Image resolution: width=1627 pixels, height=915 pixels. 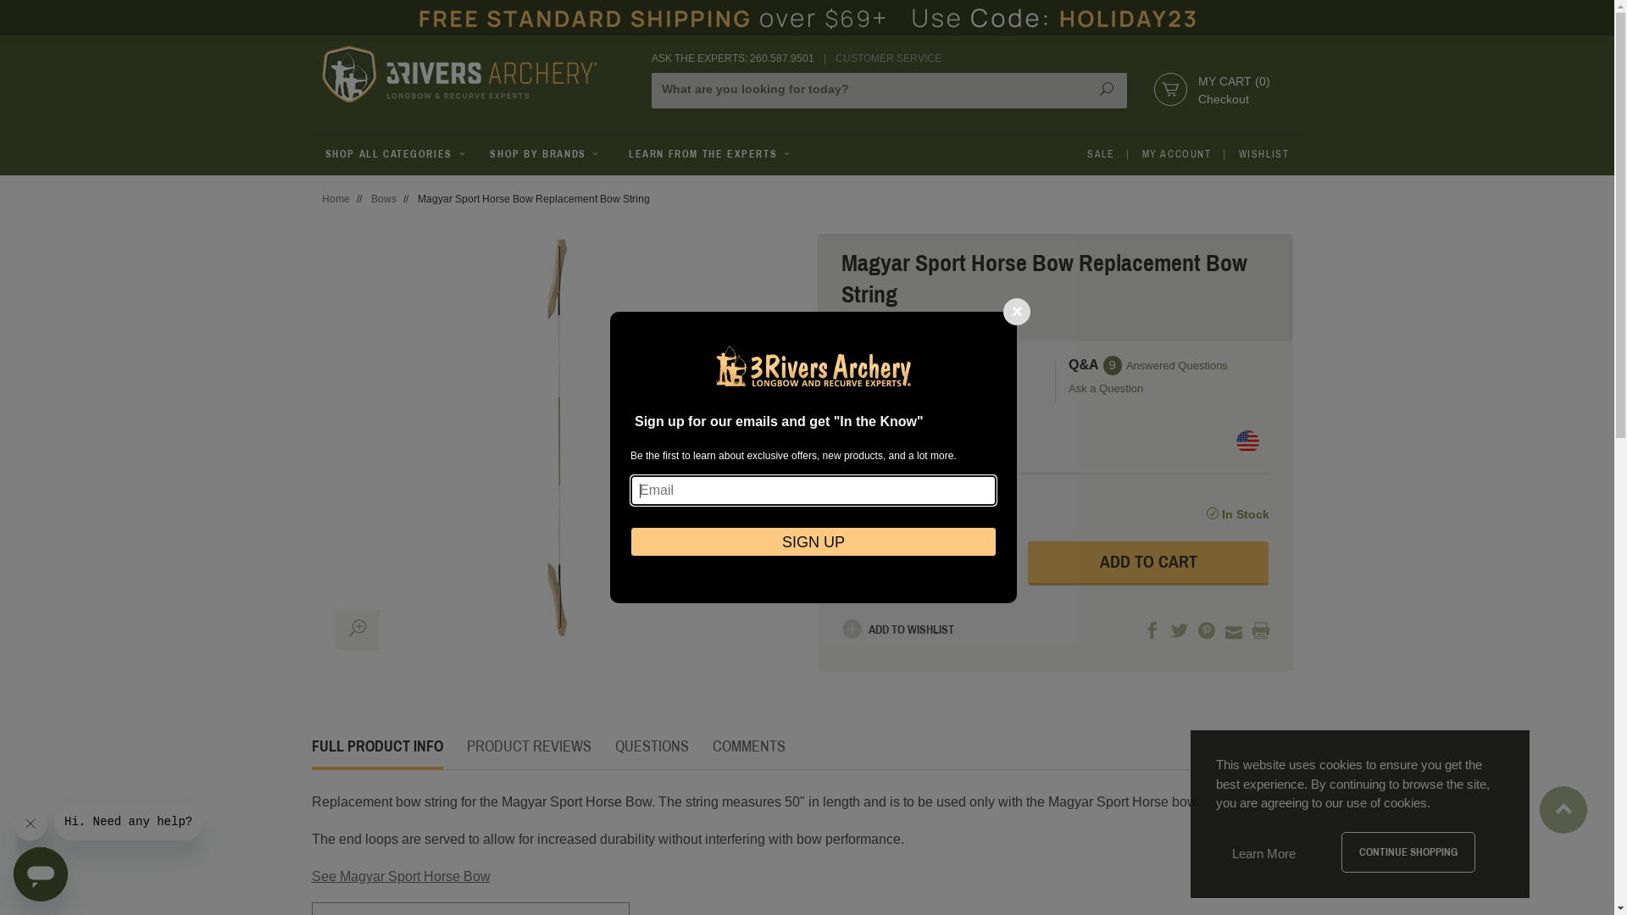 What do you see at coordinates (747, 746) in the screenshot?
I see `'COMMENTS'` at bounding box center [747, 746].